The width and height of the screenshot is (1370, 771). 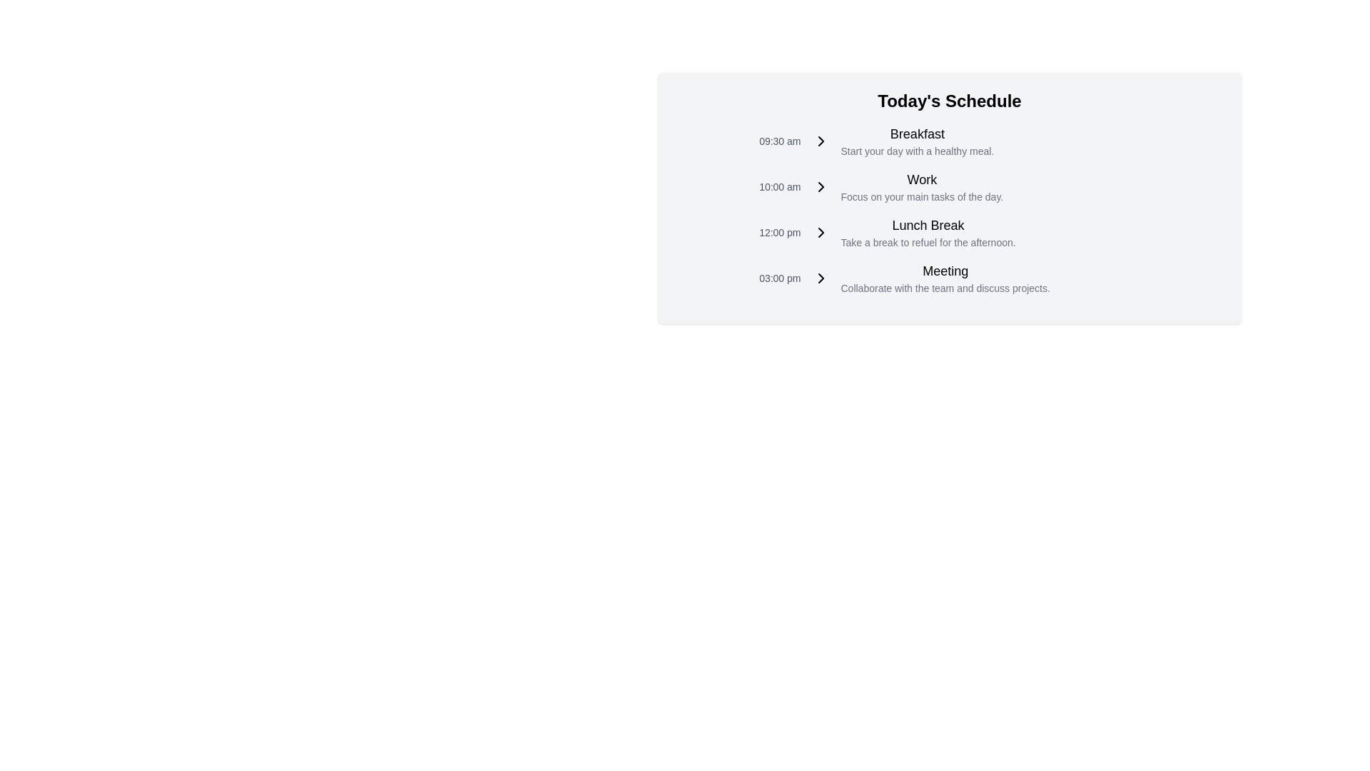 What do you see at coordinates (945, 288) in the screenshot?
I see `the text element displaying 'Collaborate with the team and discuss projects.' located below the 'Meeting' heading in the schedule list` at bounding box center [945, 288].